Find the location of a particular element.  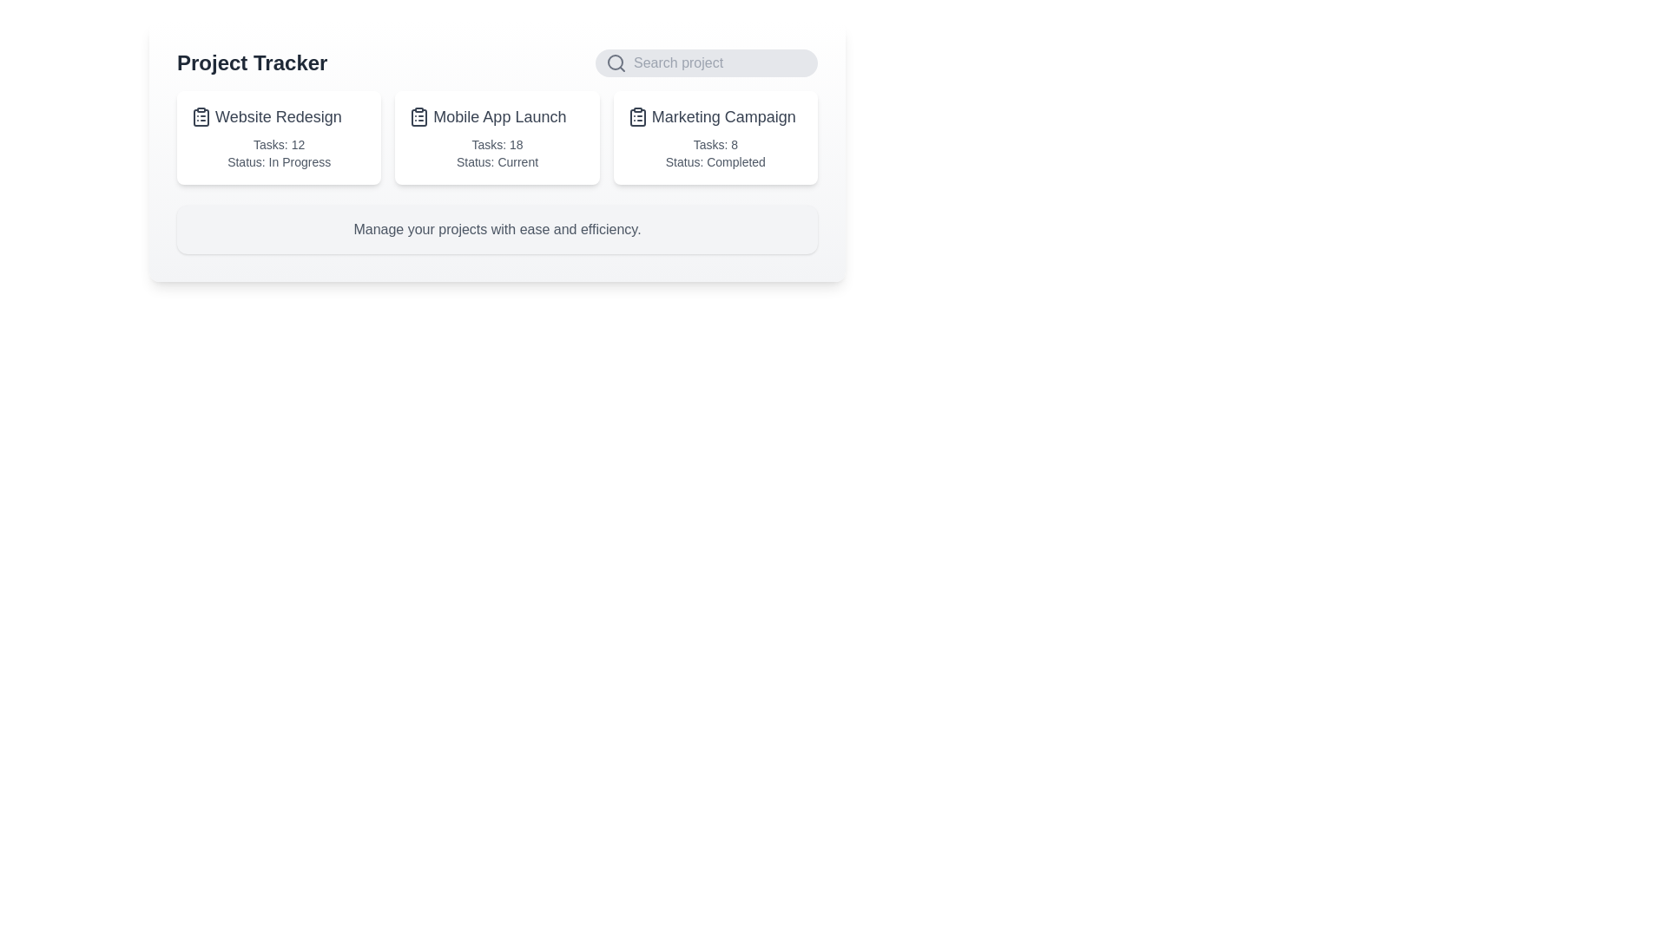

the small gray text label displaying 'Tasks: 12' located beneath the 'Website Redesign' heading within the white card interface is located at coordinates (279, 143).